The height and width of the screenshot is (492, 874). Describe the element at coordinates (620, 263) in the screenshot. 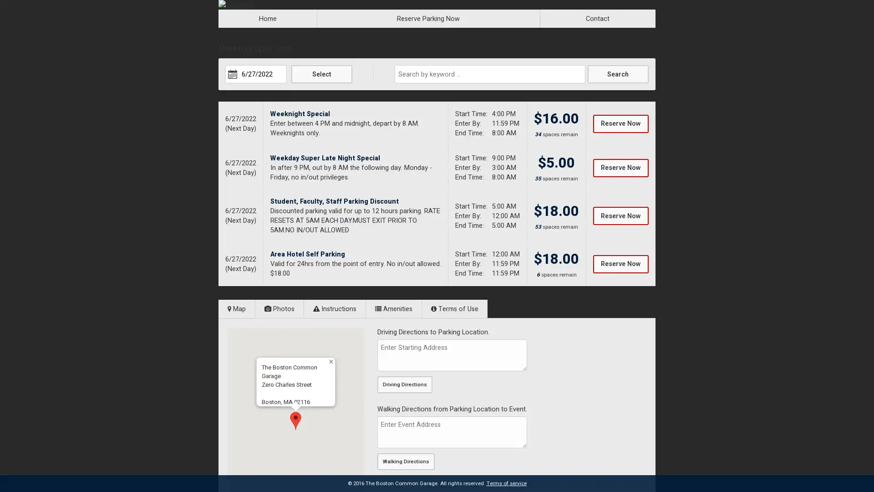

I see `Reserve Now` at that location.